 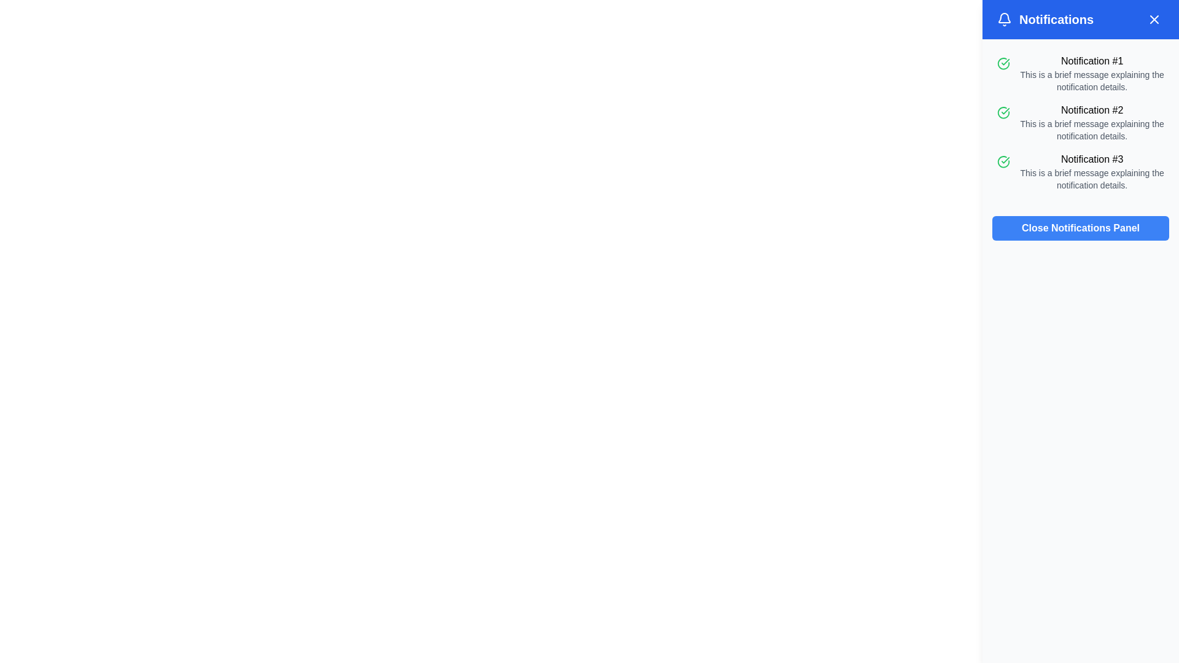 What do you see at coordinates (1003, 113) in the screenshot?
I see `the circular green icon with a checkmark inside, located in the second notification block titled 'Notification #2' in the notifications panel` at bounding box center [1003, 113].